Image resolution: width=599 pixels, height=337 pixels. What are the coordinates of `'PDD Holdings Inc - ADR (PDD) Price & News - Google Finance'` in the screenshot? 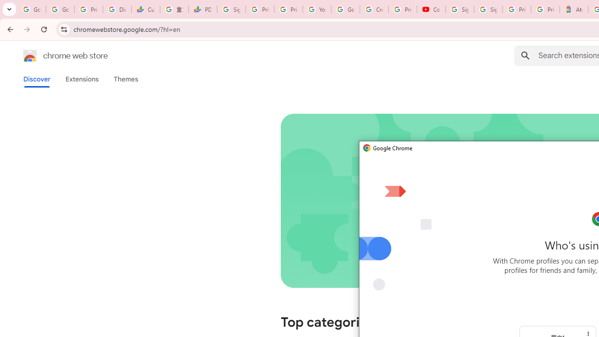 It's located at (202, 9).